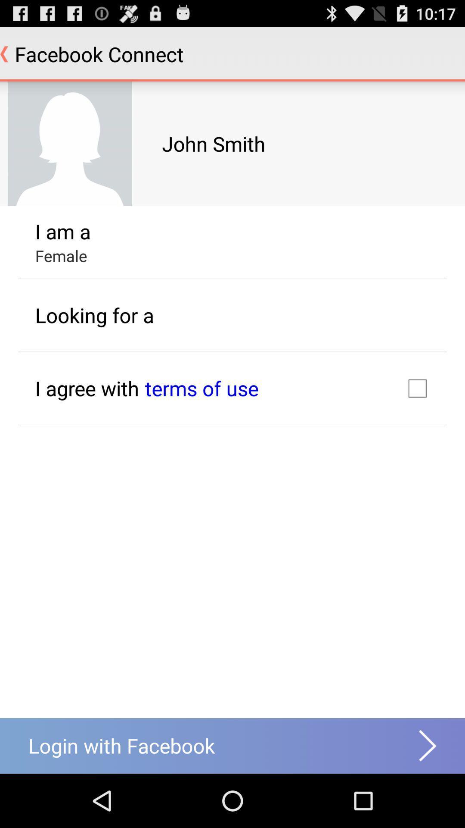 Image resolution: width=465 pixels, height=828 pixels. Describe the element at coordinates (201, 388) in the screenshot. I see `terms of use app` at that location.